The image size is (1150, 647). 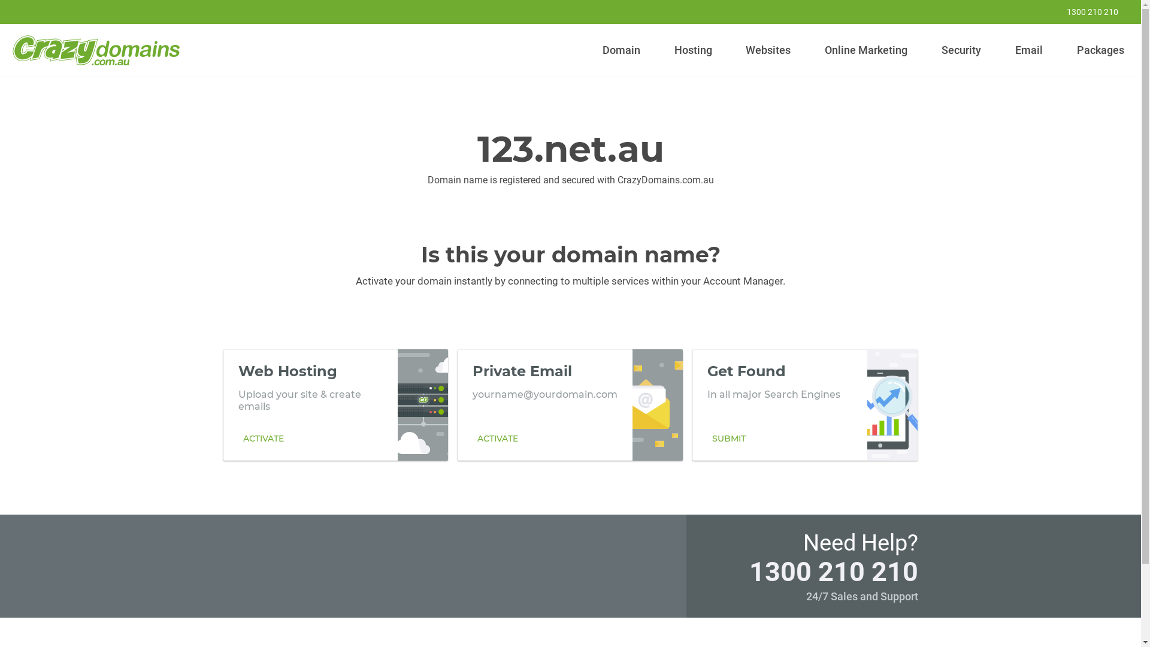 I want to click on 'Security', so click(x=961, y=50).